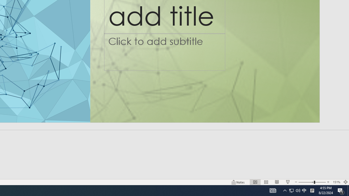  I want to click on 'Zoom 151%', so click(336, 182).